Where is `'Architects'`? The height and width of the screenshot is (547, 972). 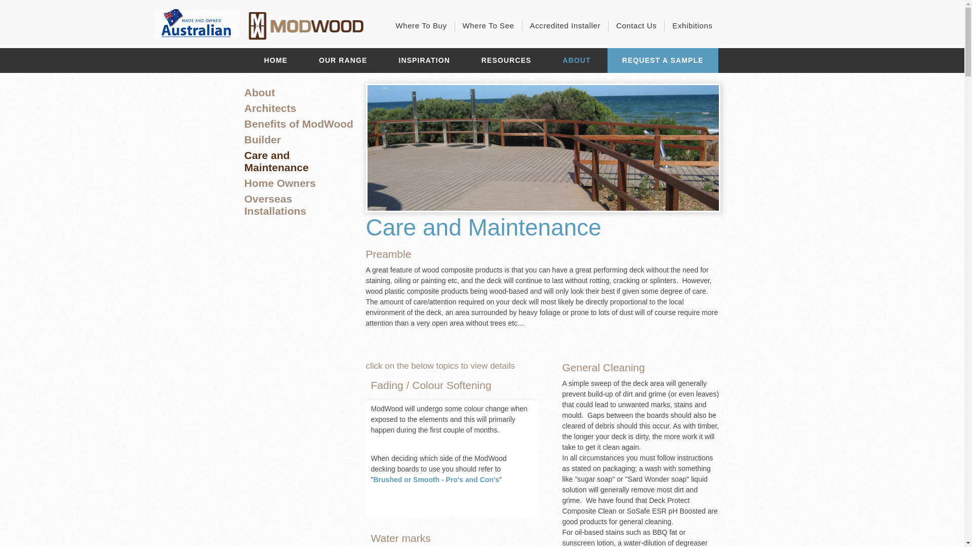 'Architects' is located at coordinates (244, 108).